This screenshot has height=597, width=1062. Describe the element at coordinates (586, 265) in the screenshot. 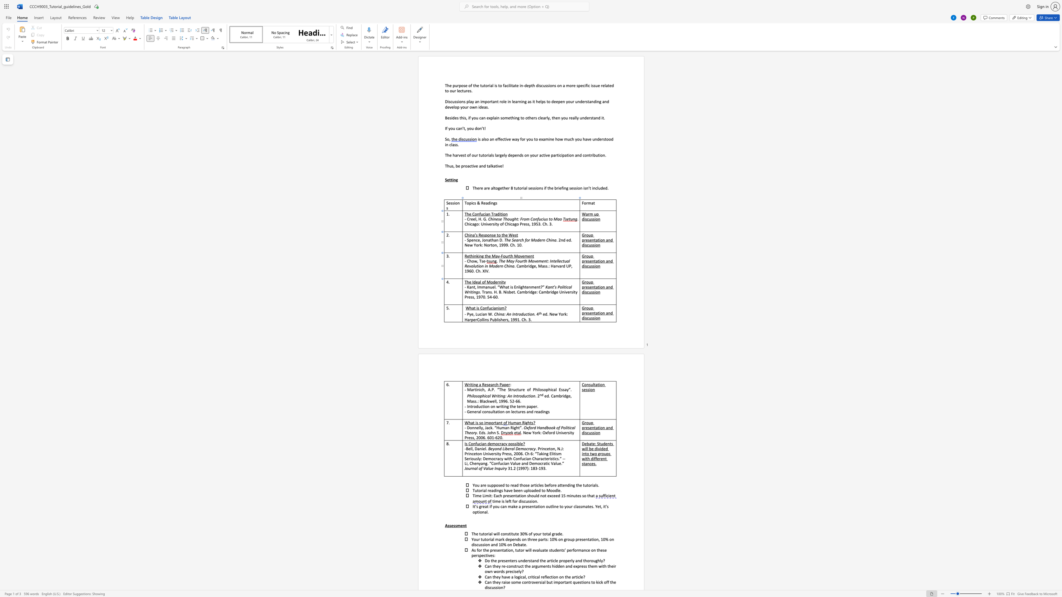

I see `the 2th character "s" in the text` at that location.